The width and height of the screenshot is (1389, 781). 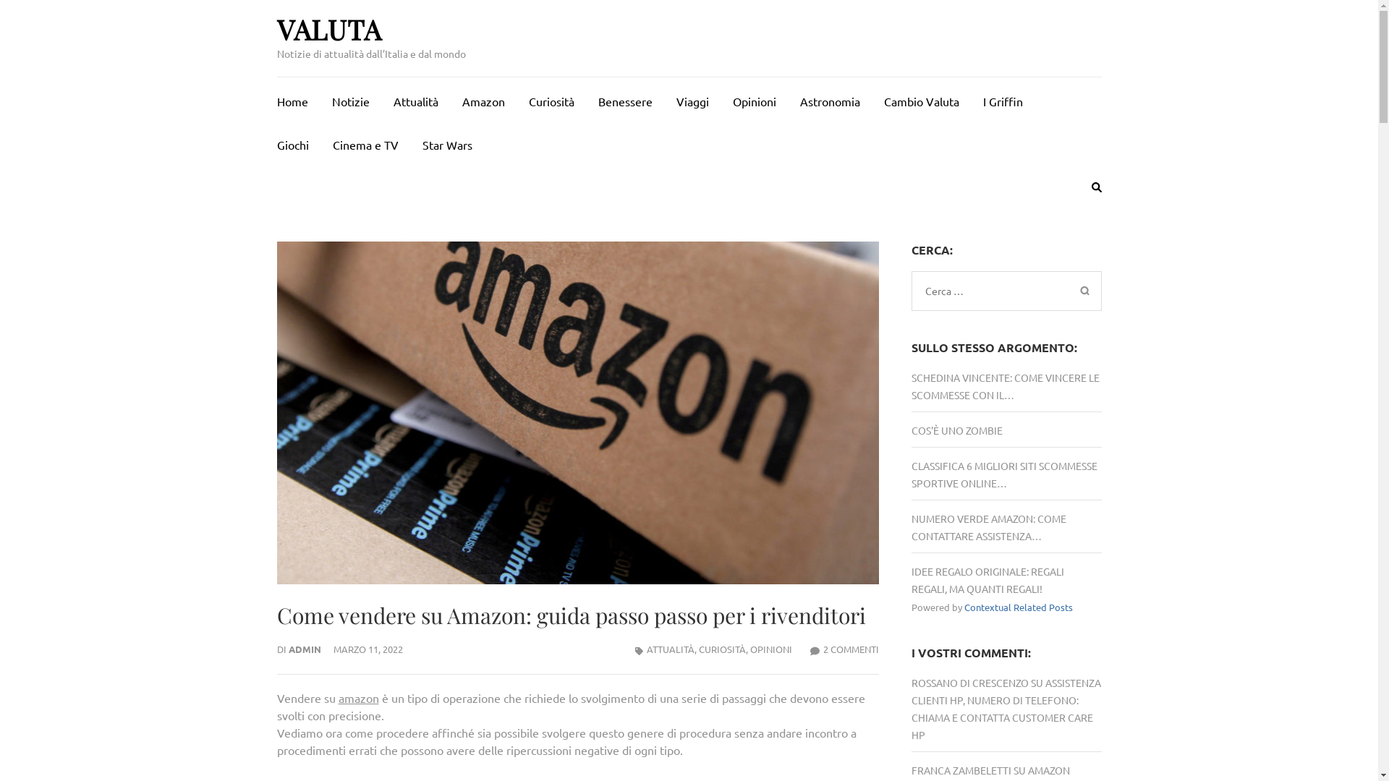 What do you see at coordinates (368, 648) in the screenshot?
I see `'MARZO 11, 2022'` at bounding box center [368, 648].